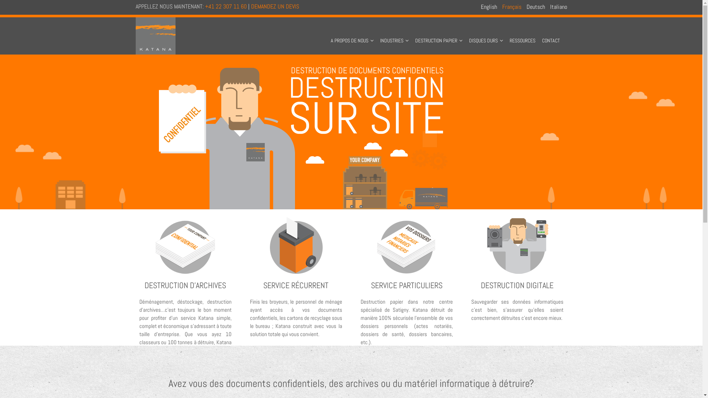  I want to click on 'CONTACT', so click(540, 34).